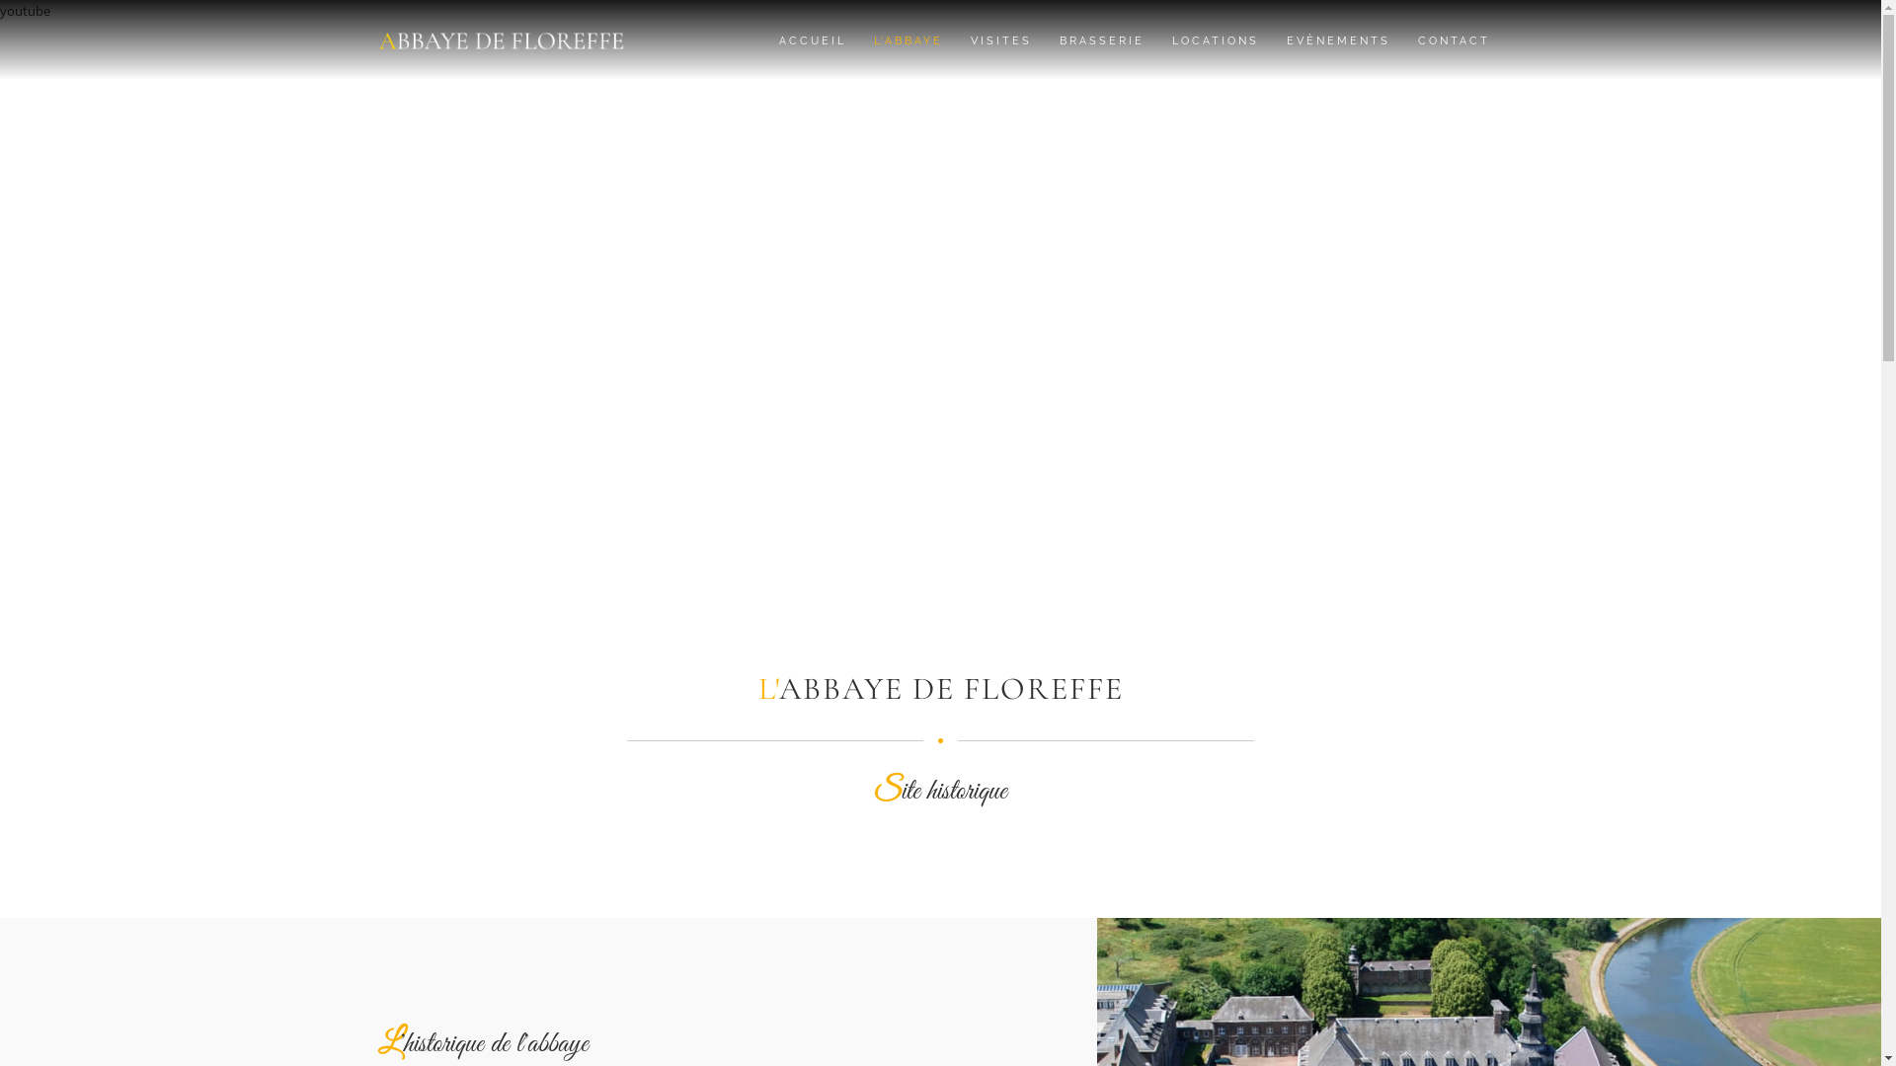  Describe the element at coordinates (1454, 38) in the screenshot. I see `'CONTACT'` at that location.